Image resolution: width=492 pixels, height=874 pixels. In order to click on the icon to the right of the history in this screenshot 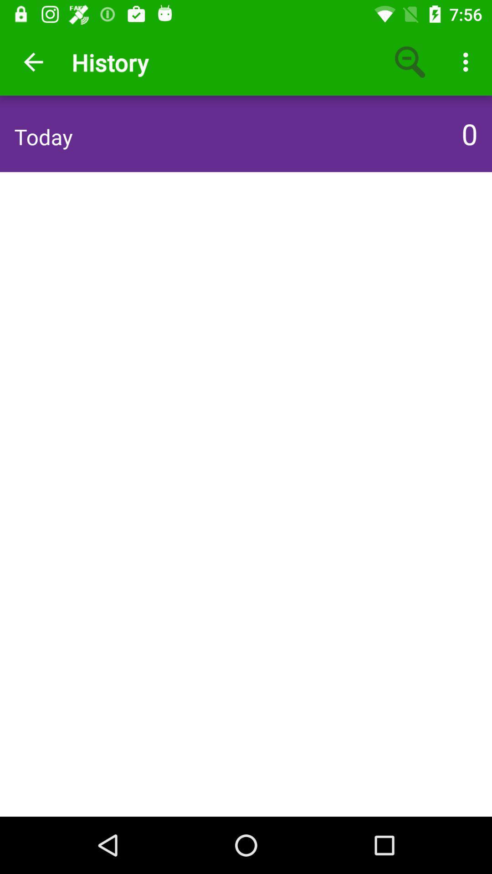, I will do `click(410, 61)`.